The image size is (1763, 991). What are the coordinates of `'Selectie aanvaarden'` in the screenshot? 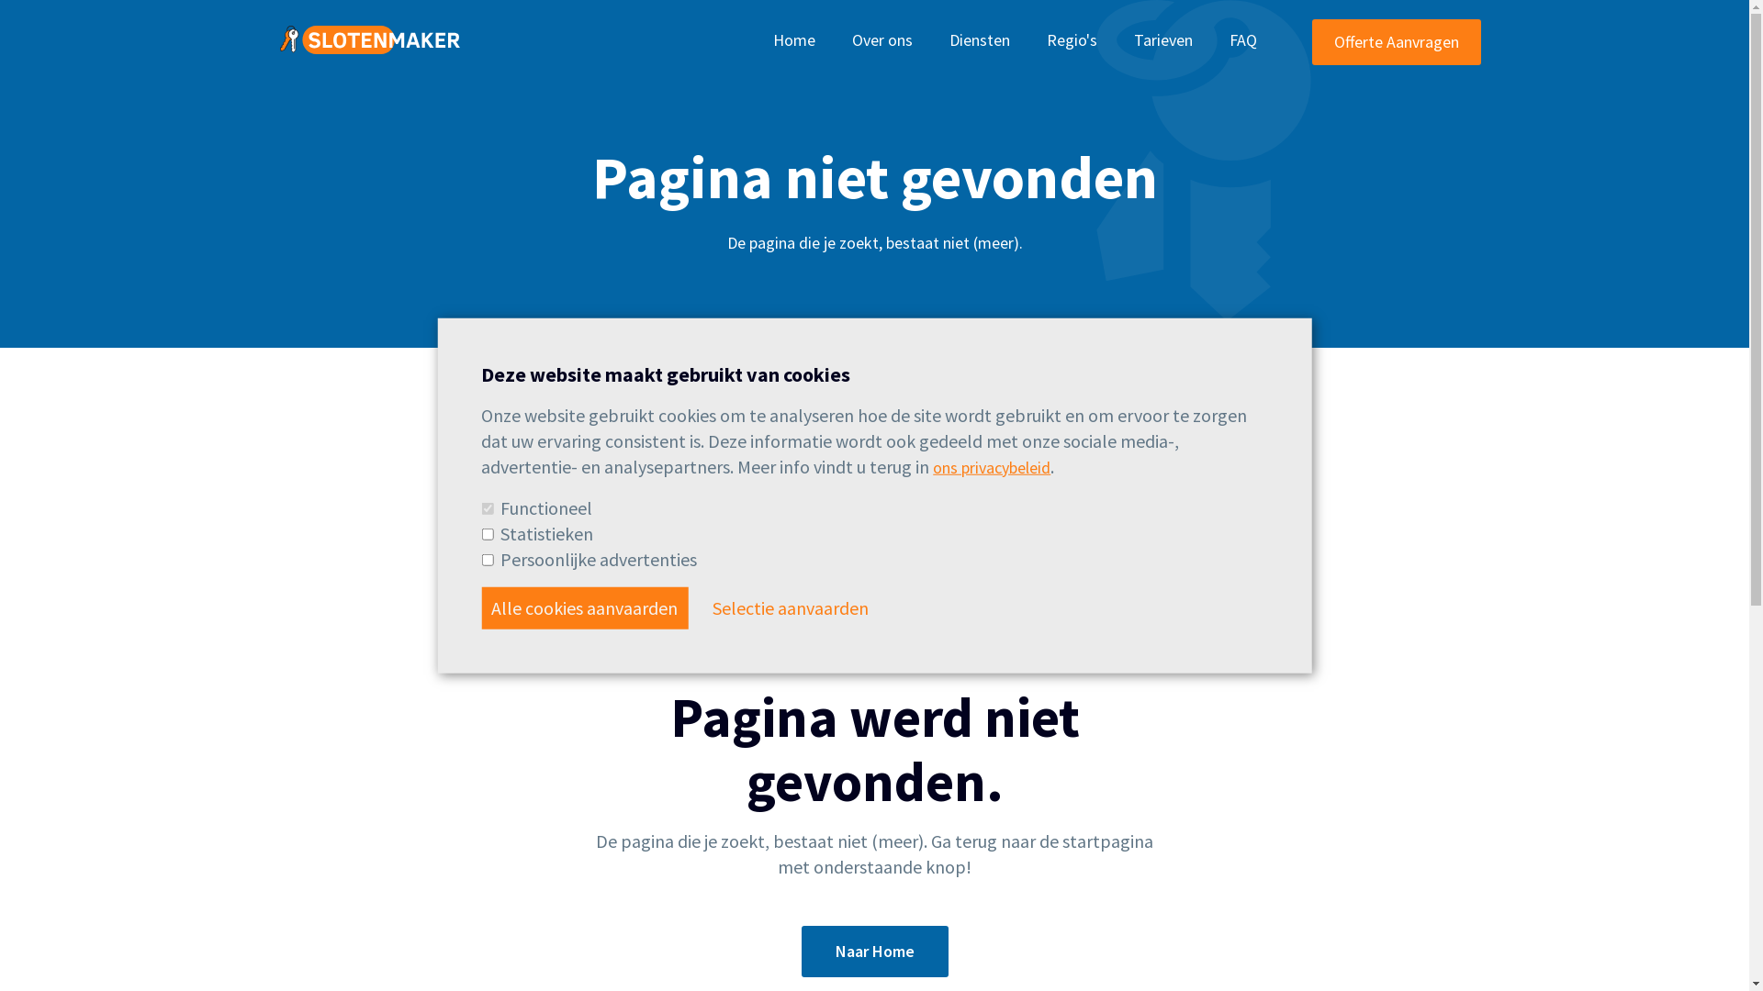 It's located at (701, 607).